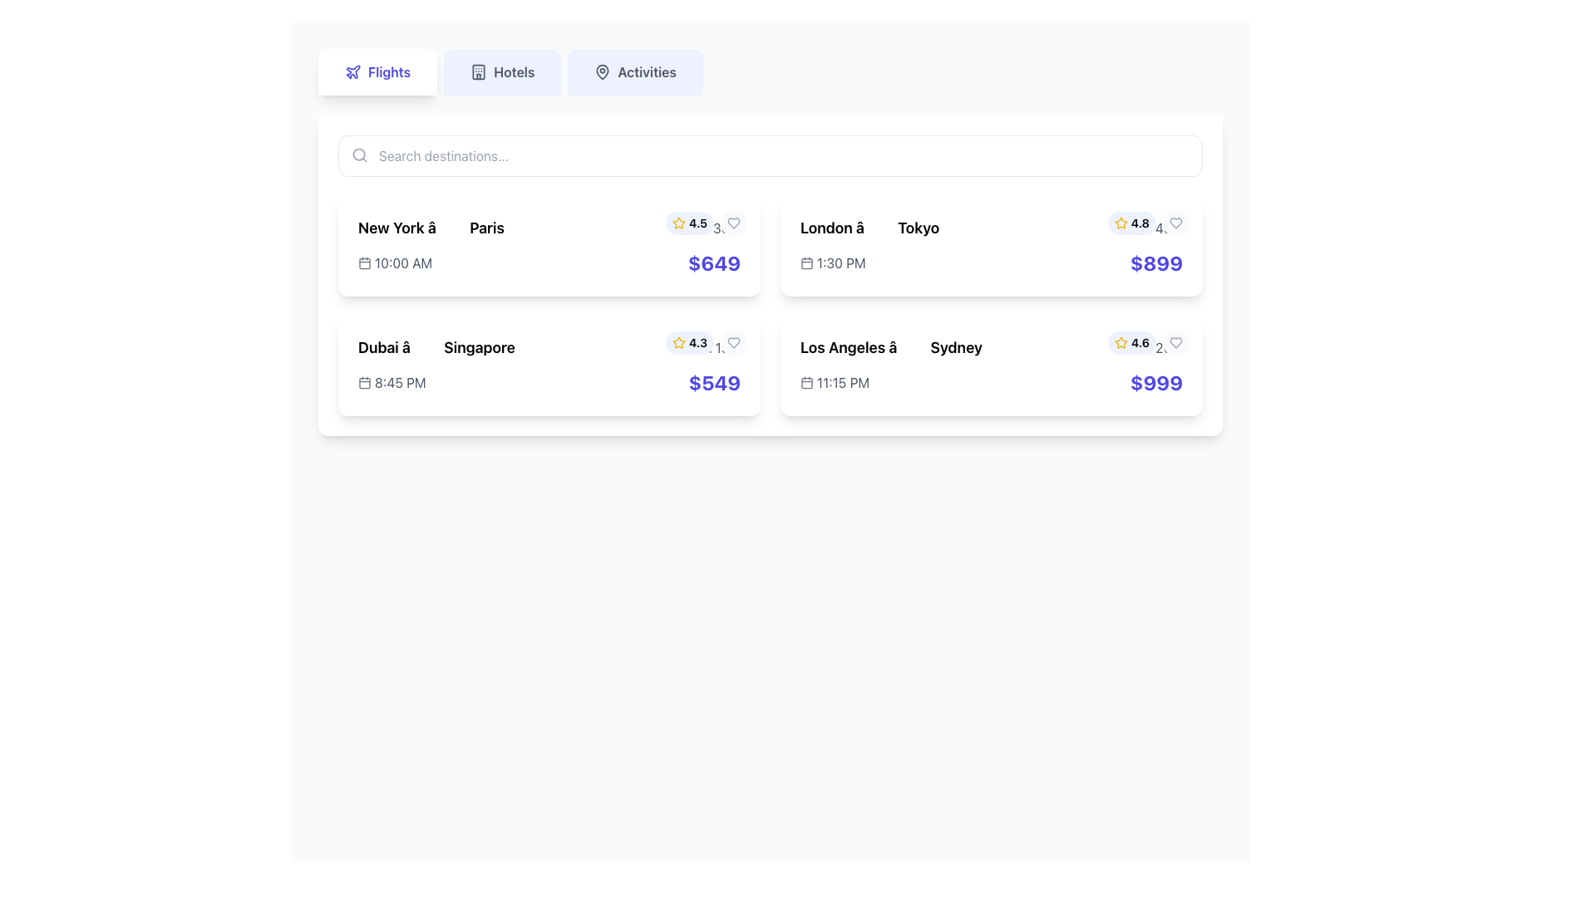 This screenshot has height=897, width=1596. What do you see at coordinates (678, 341) in the screenshot?
I see `the star icon that represents a 4.3 rating in the bottom-left card of the grid, which is adjacent to the price '$549'` at bounding box center [678, 341].